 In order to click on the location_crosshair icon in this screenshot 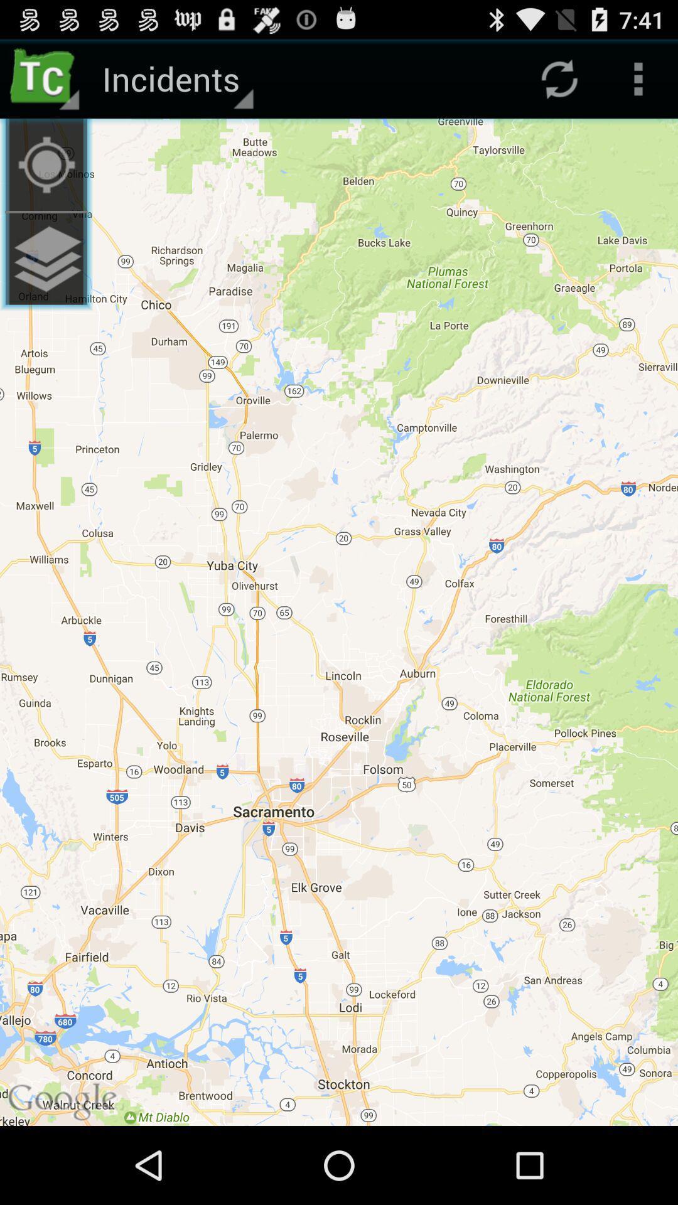, I will do `click(45, 175)`.